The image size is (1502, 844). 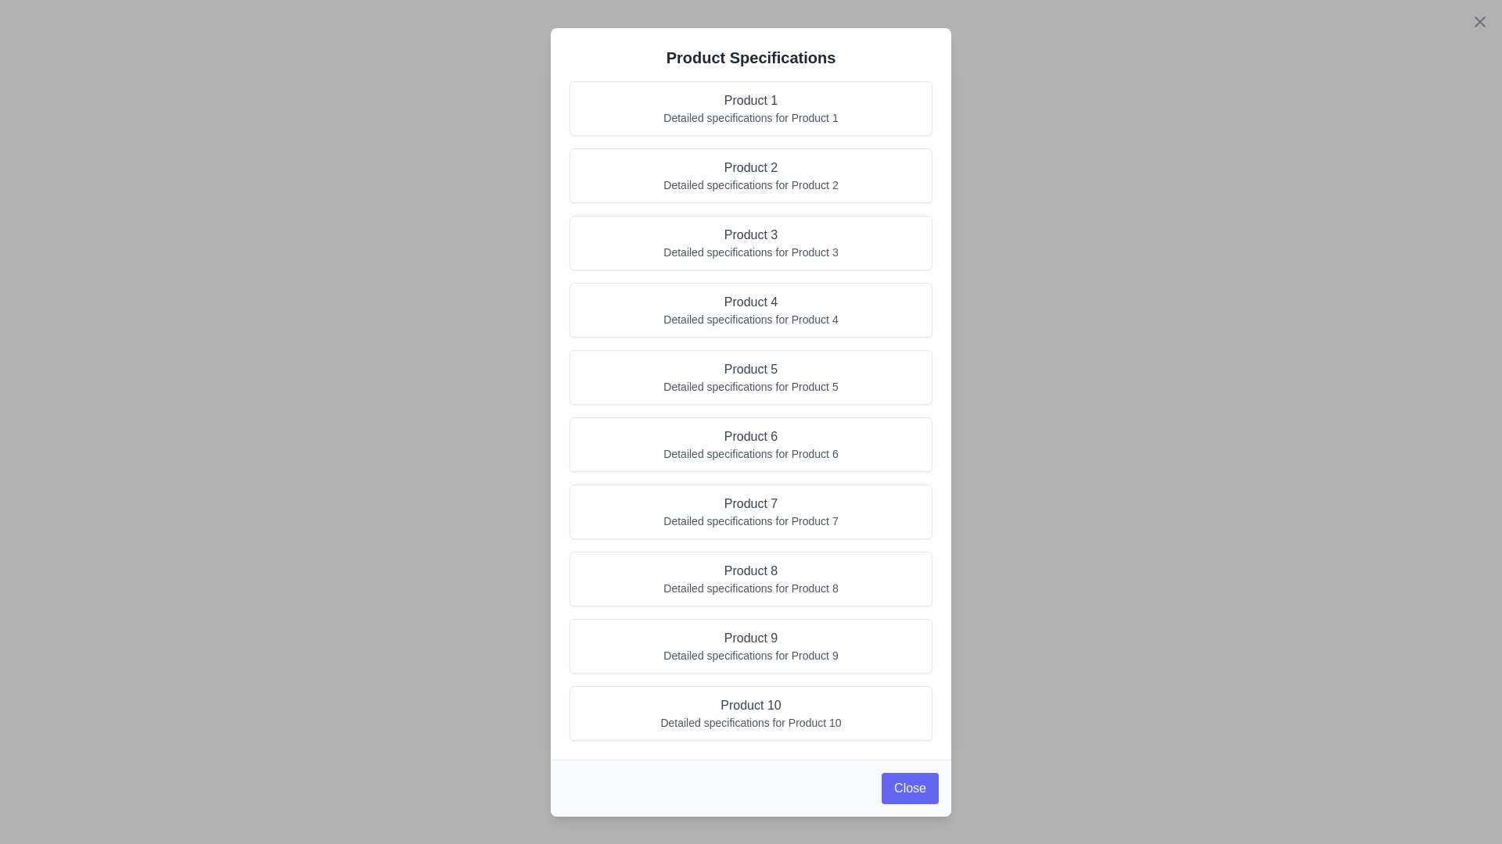 I want to click on close button in the top-right corner of the dialog, so click(x=1479, y=21).